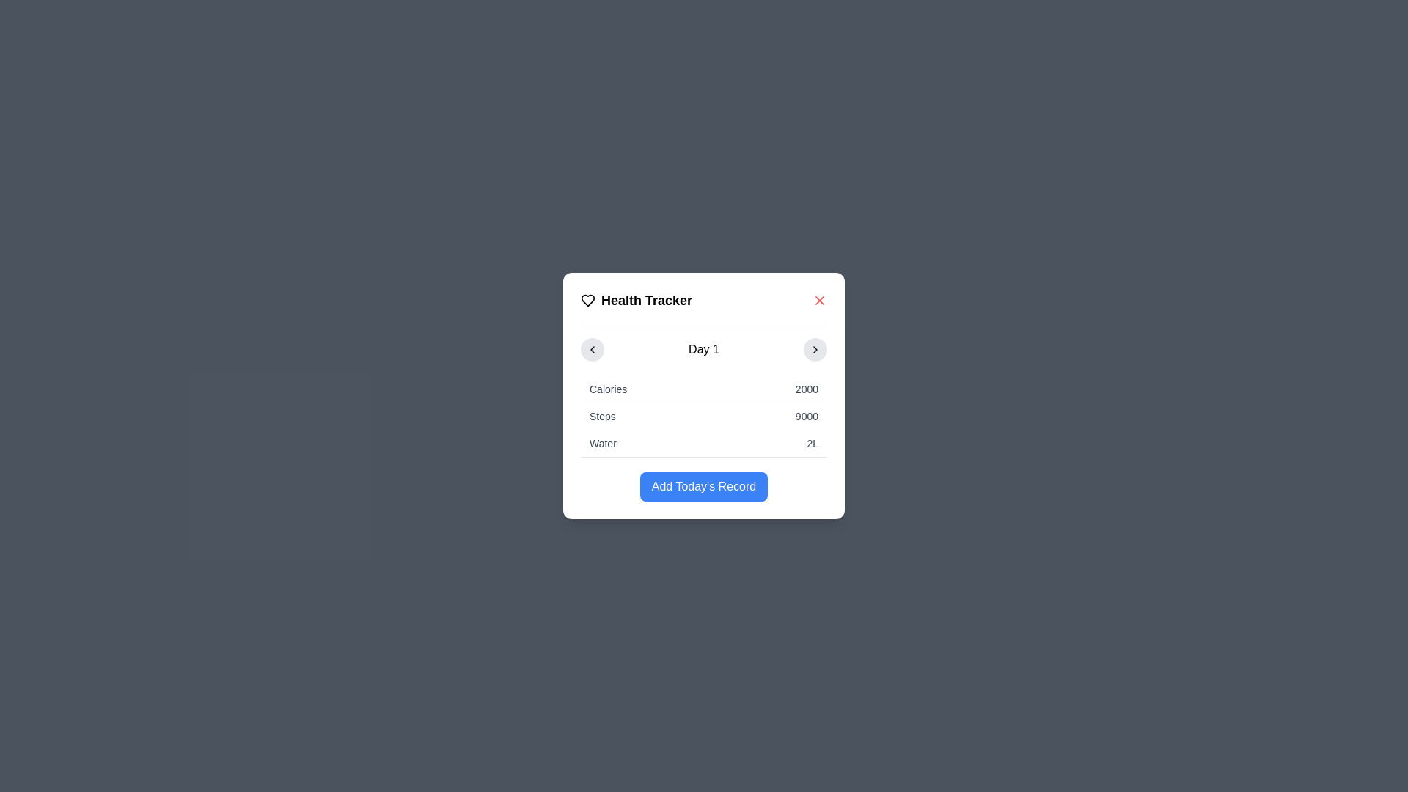  What do you see at coordinates (819, 299) in the screenshot?
I see `the 'X' icon located in the top-right corner of the 'Health Tracker' modal box` at bounding box center [819, 299].